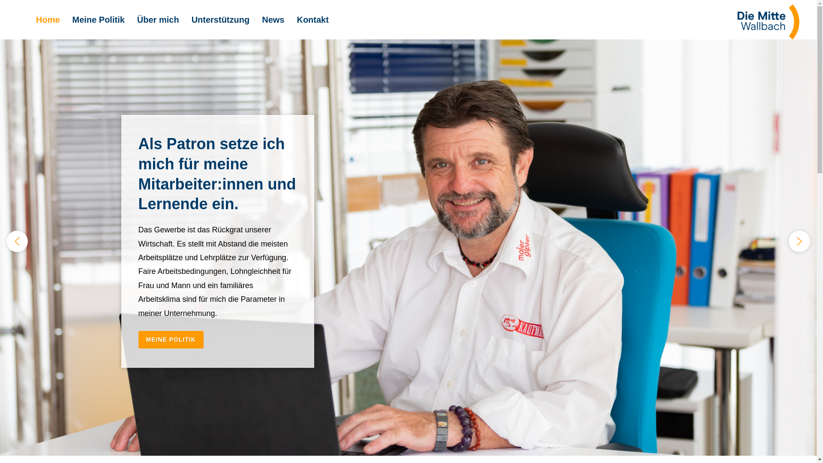 The height and width of the screenshot is (463, 823). Describe the element at coordinates (99, 19) in the screenshot. I see `'Meine Politik'` at that location.